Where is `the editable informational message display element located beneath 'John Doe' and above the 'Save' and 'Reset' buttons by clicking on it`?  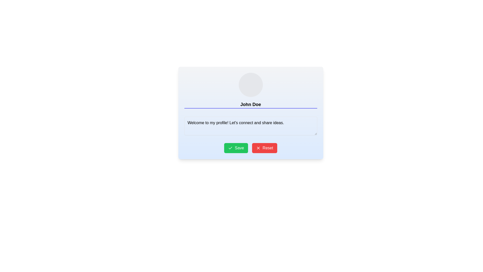 the editable informational message display element located beneath 'John Doe' and above the 'Save' and 'Reset' buttons by clicking on it is located at coordinates (251, 126).